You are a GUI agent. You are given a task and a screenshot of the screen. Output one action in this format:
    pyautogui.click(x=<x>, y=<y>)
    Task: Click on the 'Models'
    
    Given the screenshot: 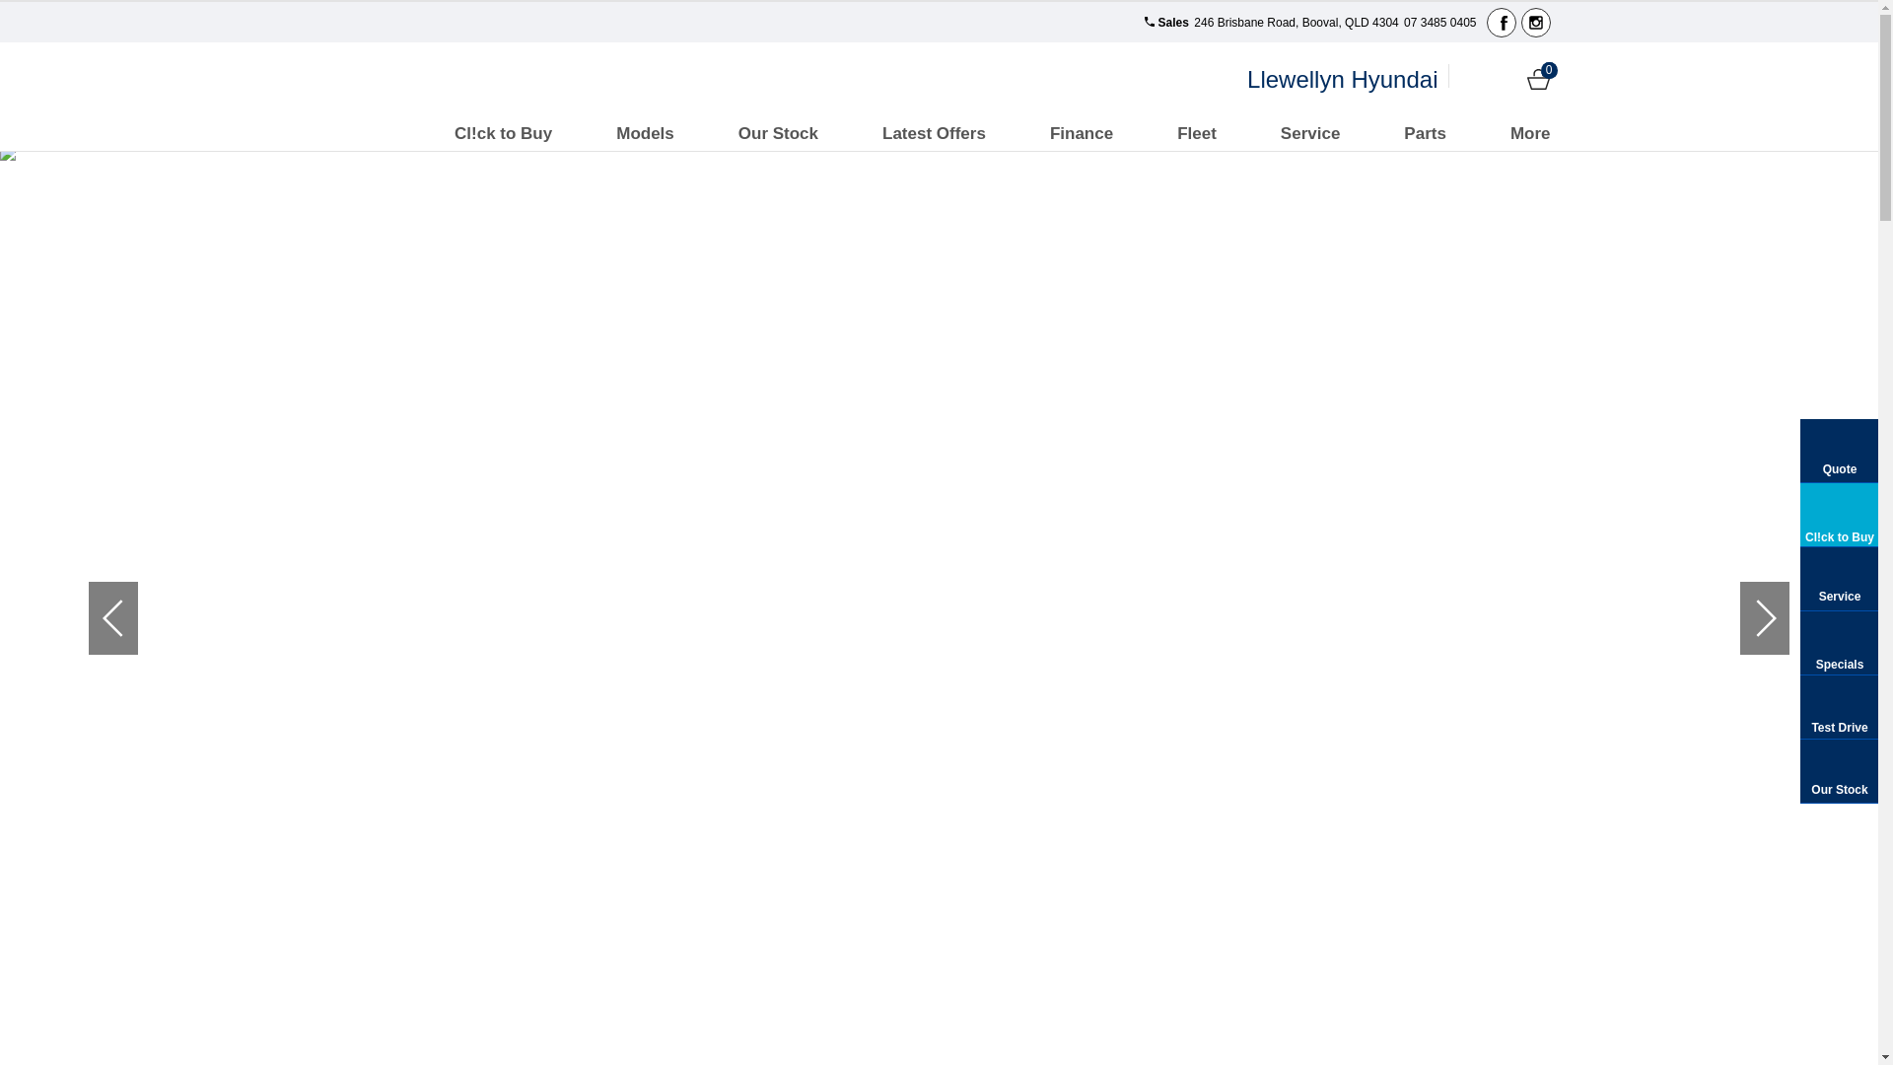 What is the action you would take?
    pyautogui.click(x=645, y=133)
    